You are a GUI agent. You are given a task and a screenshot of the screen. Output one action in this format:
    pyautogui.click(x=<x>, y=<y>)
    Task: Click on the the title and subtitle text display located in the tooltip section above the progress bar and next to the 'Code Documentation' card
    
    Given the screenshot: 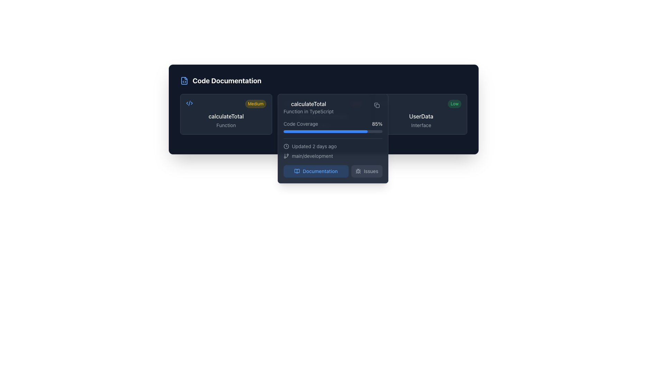 What is the action you would take?
    pyautogui.click(x=308, y=107)
    